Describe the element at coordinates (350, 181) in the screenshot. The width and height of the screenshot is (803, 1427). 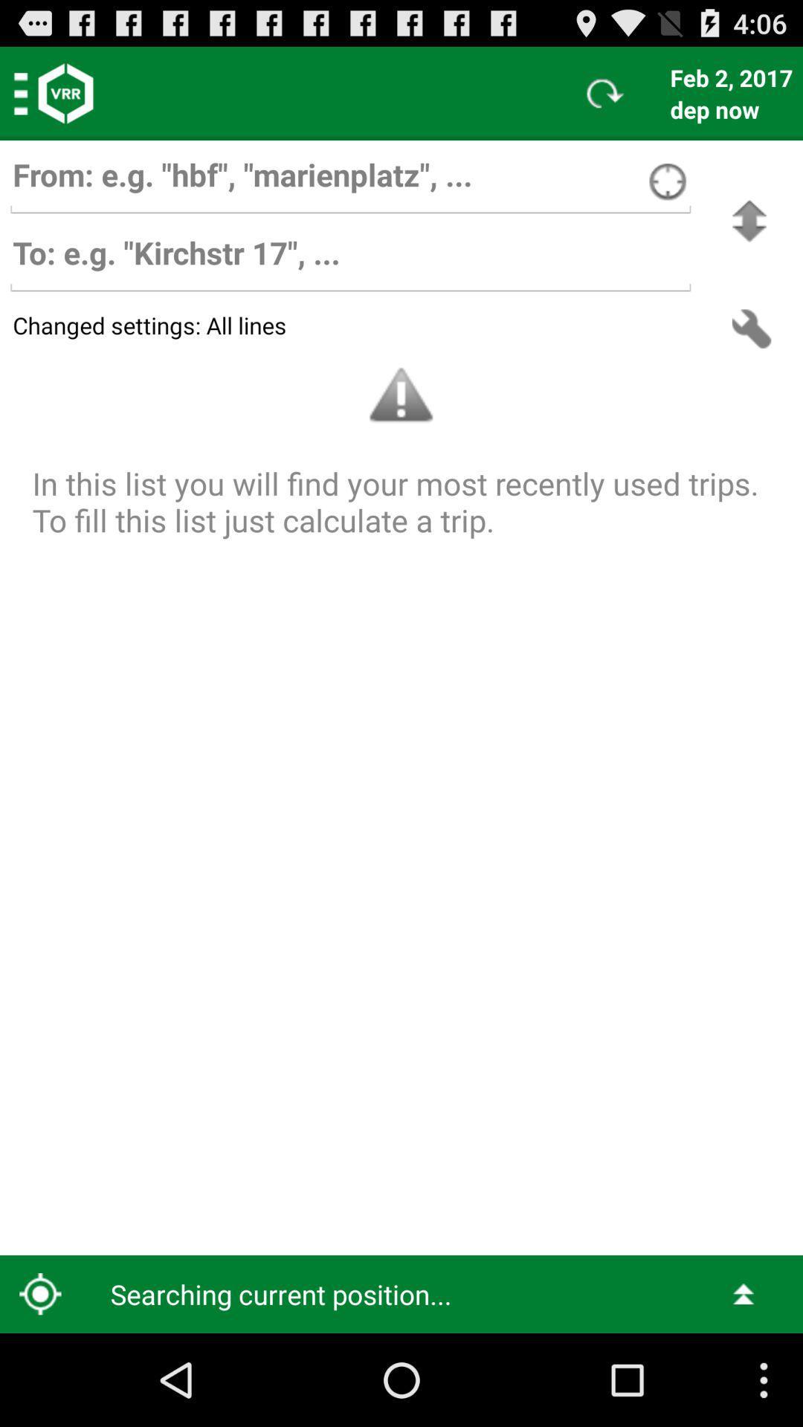
I see `input text info search` at that location.